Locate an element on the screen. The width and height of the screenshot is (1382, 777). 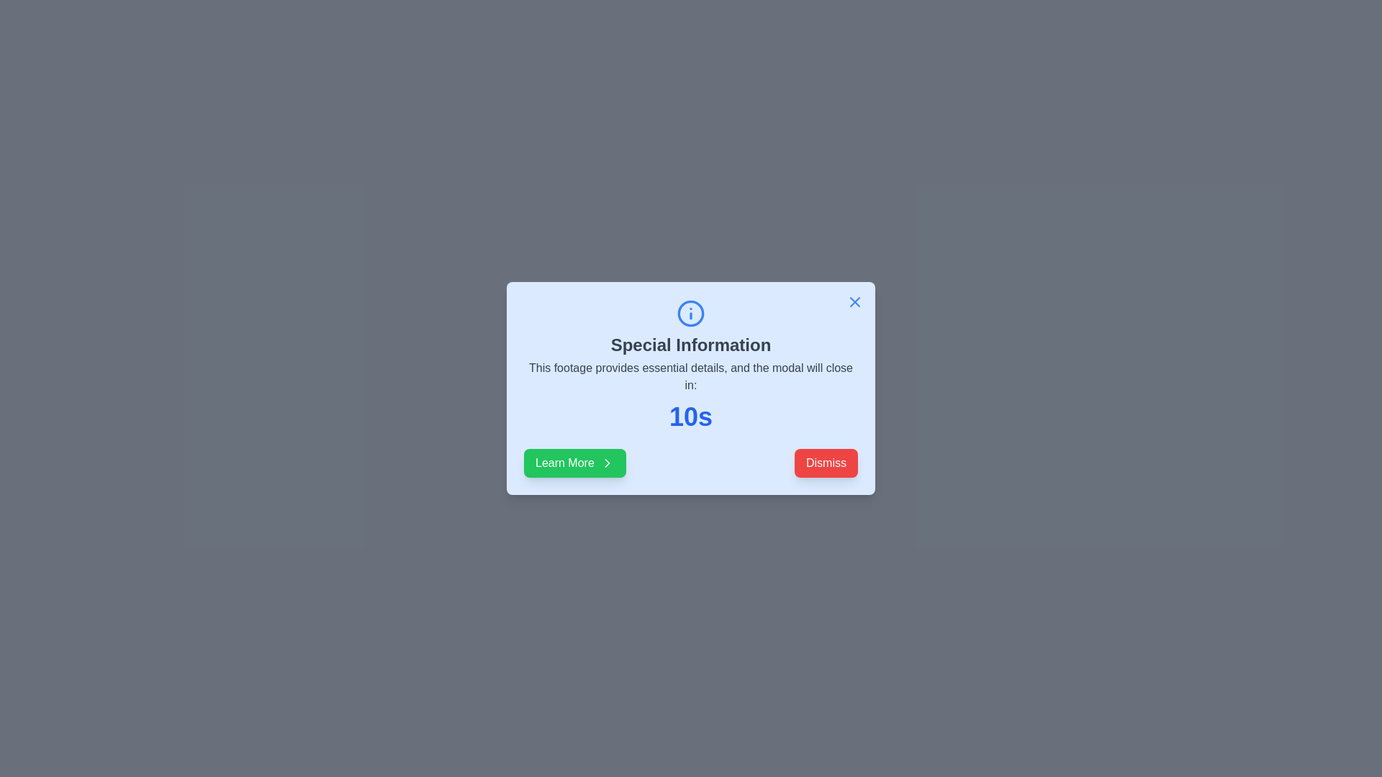
the close button located at the top-right corner of the modal to change its appearance is located at coordinates (855, 301).